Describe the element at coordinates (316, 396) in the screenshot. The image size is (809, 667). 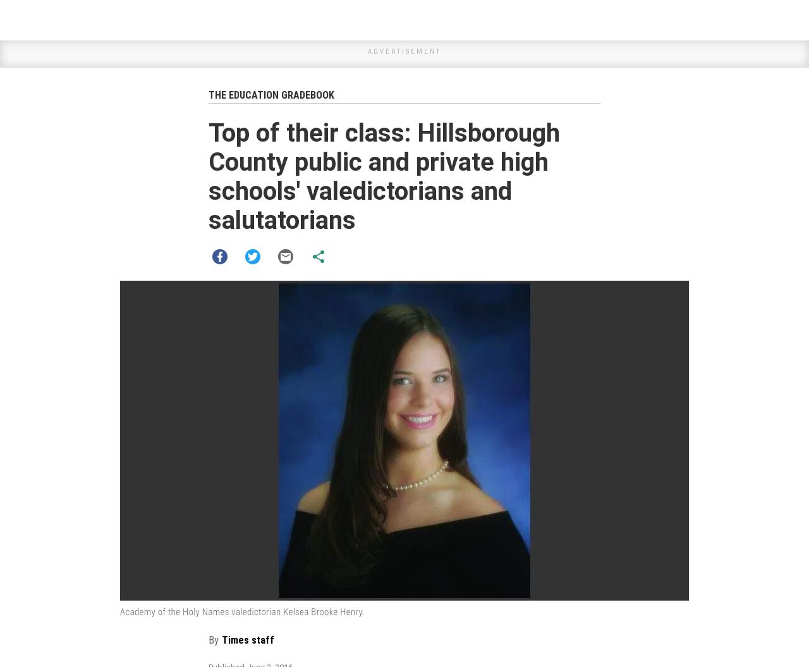
I see `'Valedictorian (Traditional): Zima K. Patel'` at that location.